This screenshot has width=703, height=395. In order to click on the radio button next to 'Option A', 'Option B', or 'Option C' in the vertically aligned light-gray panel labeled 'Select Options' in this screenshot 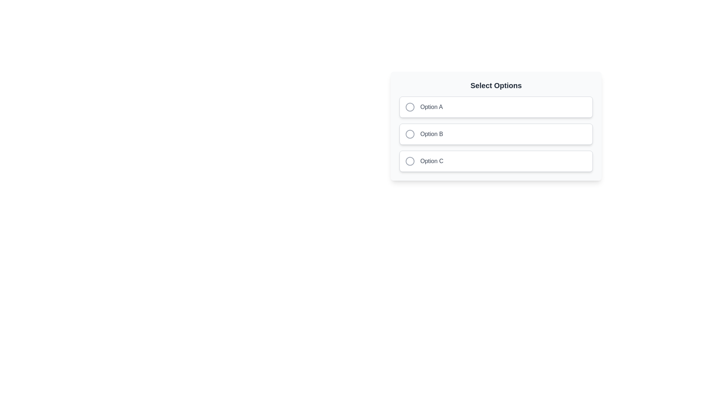, I will do `click(496, 125)`.